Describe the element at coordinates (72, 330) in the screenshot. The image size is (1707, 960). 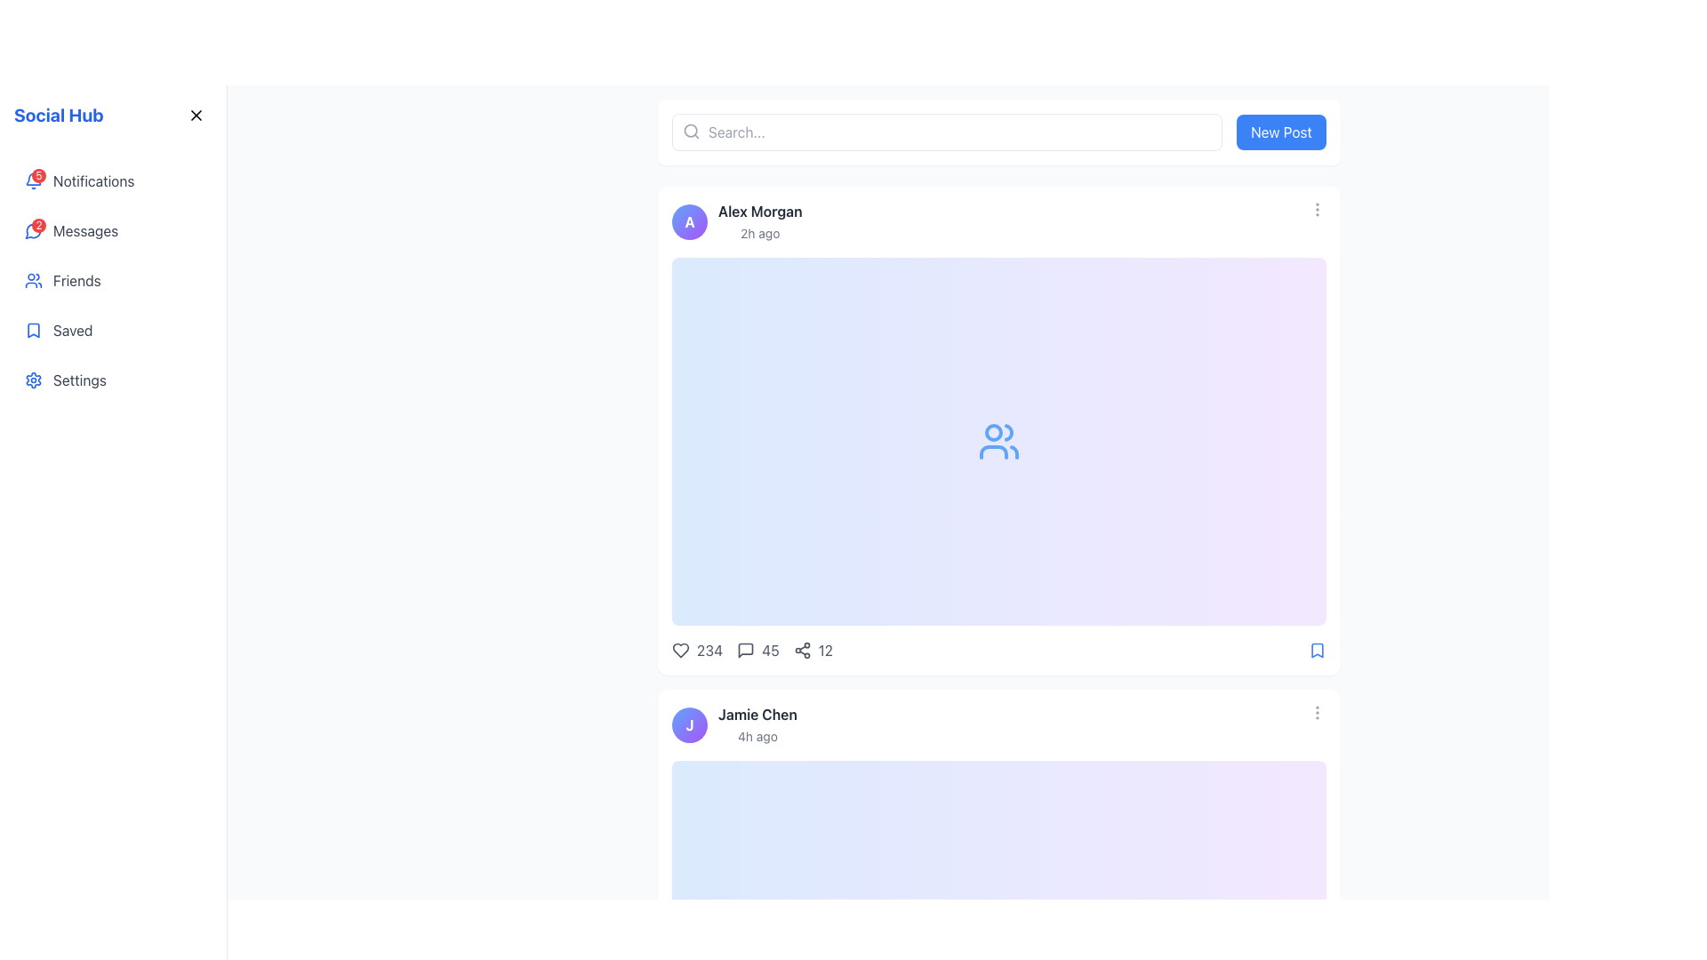
I see `the Text Label in the sidebar that indicates saved items, located fourth from the top` at that location.